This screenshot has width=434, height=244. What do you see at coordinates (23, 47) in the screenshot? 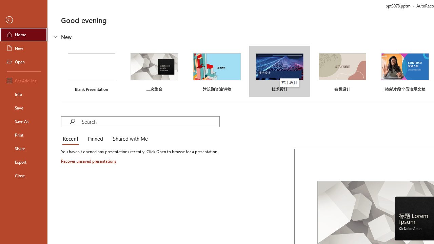
I see `'New'` at bounding box center [23, 47].